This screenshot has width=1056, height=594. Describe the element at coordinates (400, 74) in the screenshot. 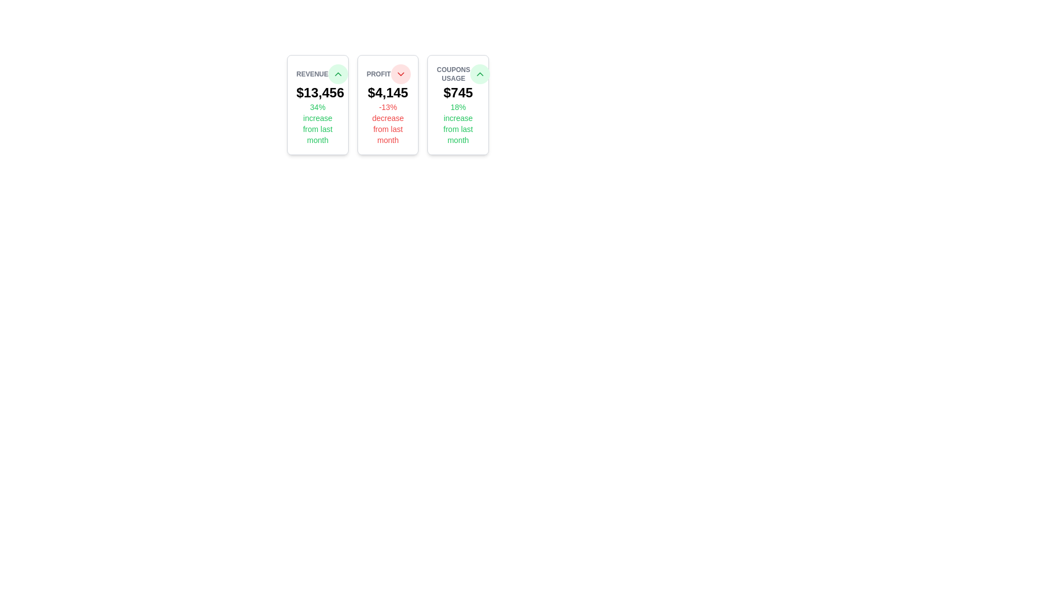

I see `the circular icon button with a red background and downward-pointing chevron symbol located in the 'Profit' section, positioned to the upper-right of the text 'Profit'` at that location.